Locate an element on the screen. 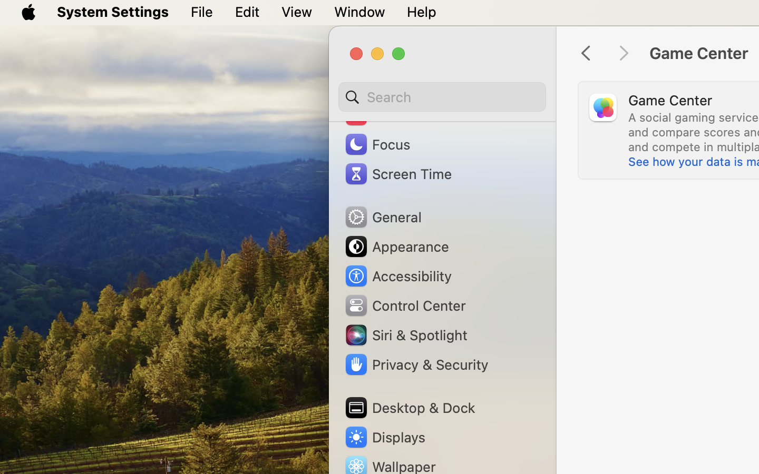 The height and width of the screenshot is (474, 759). 'Sound' is located at coordinates (378, 114).